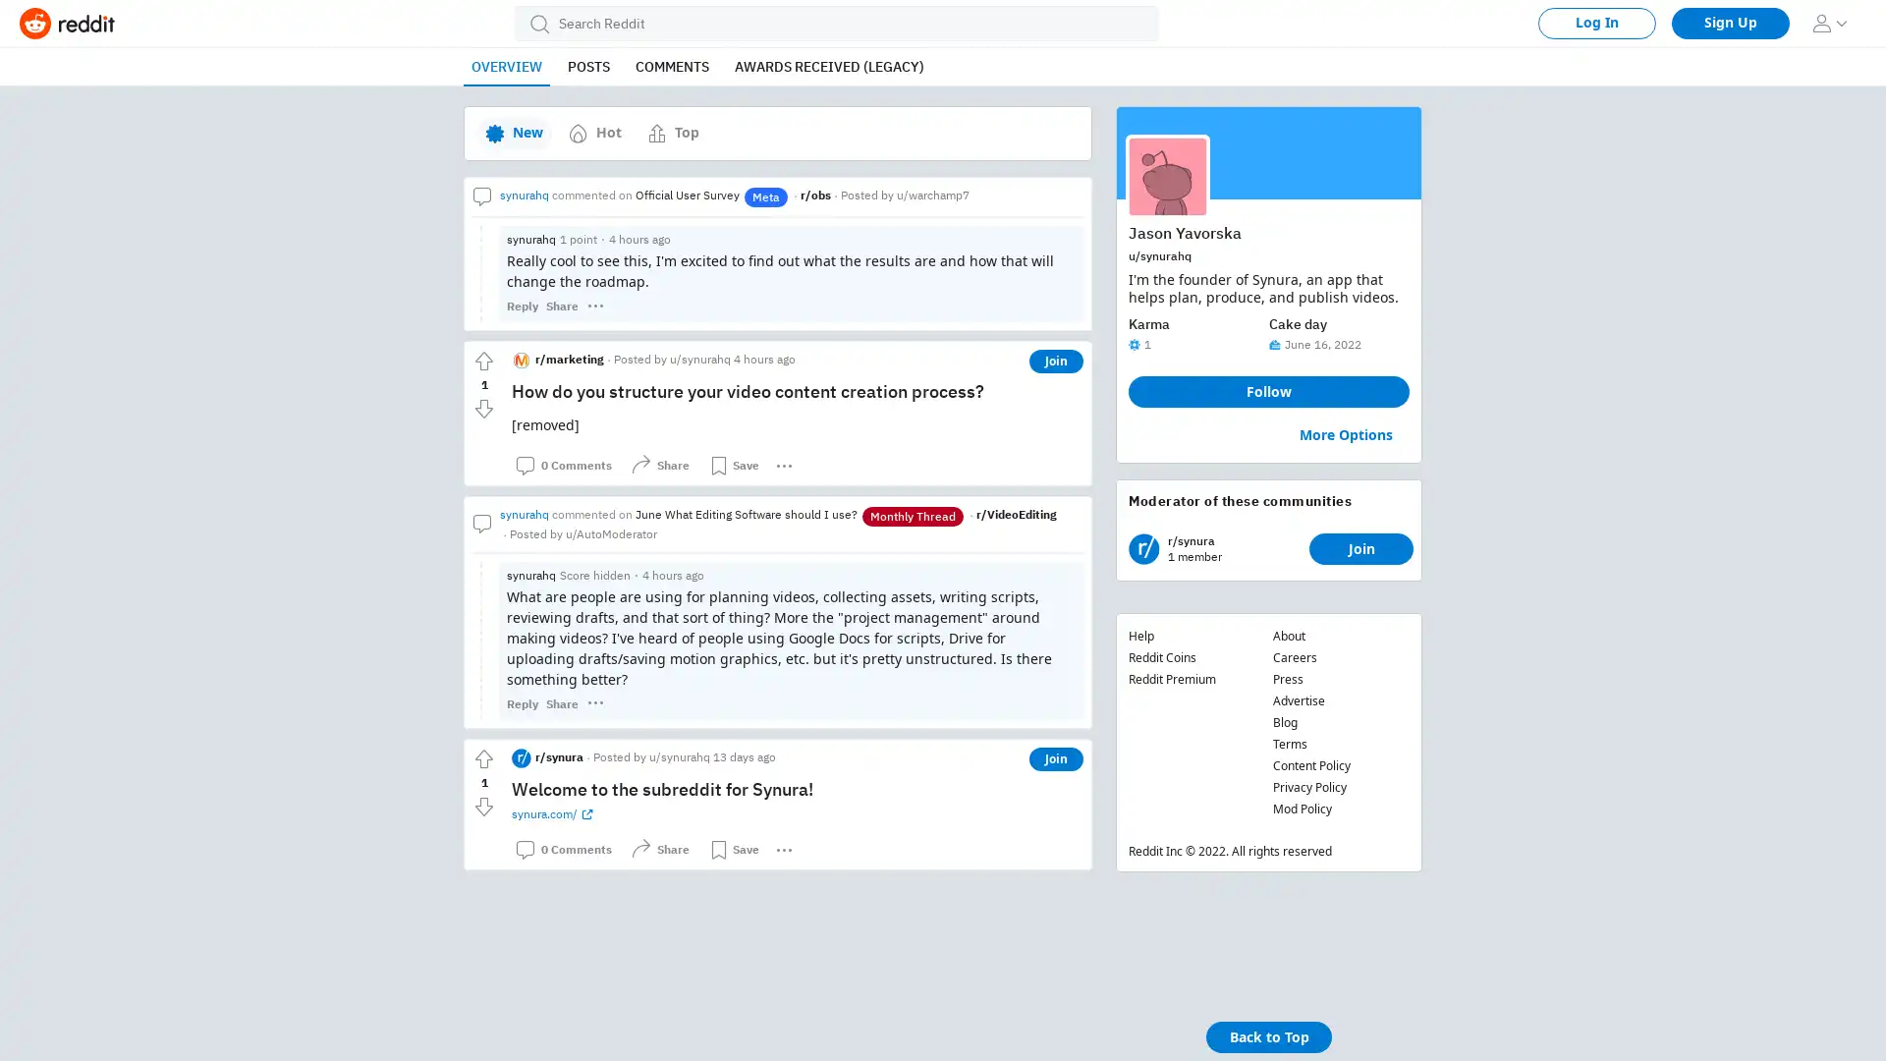 The image size is (1886, 1061). Describe the element at coordinates (561, 307) in the screenshot. I see `Share` at that location.